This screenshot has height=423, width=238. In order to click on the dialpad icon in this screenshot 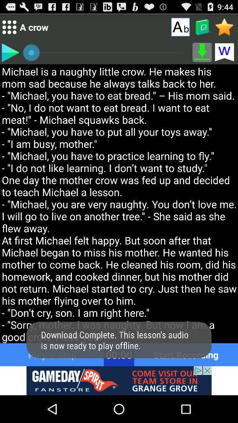, I will do `click(9, 29)`.